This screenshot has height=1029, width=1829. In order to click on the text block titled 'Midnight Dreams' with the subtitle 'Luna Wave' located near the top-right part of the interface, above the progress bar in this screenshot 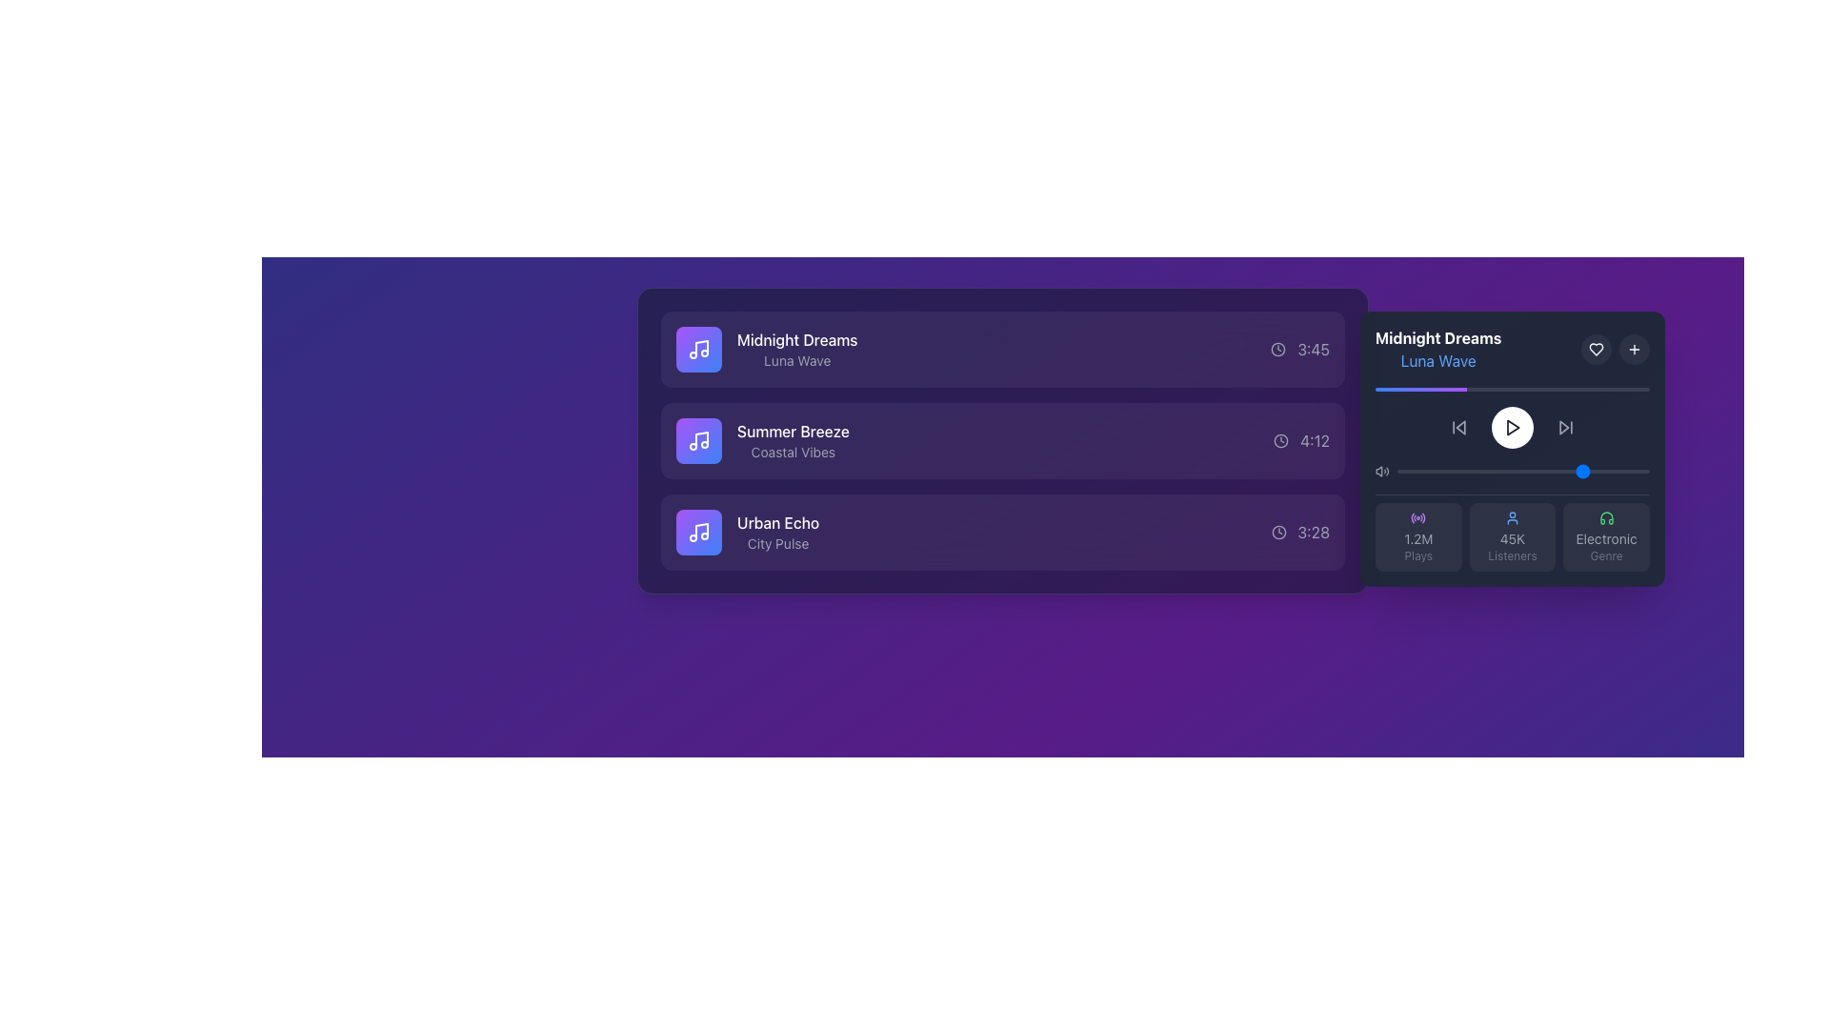, I will do `click(1438, 349)`.